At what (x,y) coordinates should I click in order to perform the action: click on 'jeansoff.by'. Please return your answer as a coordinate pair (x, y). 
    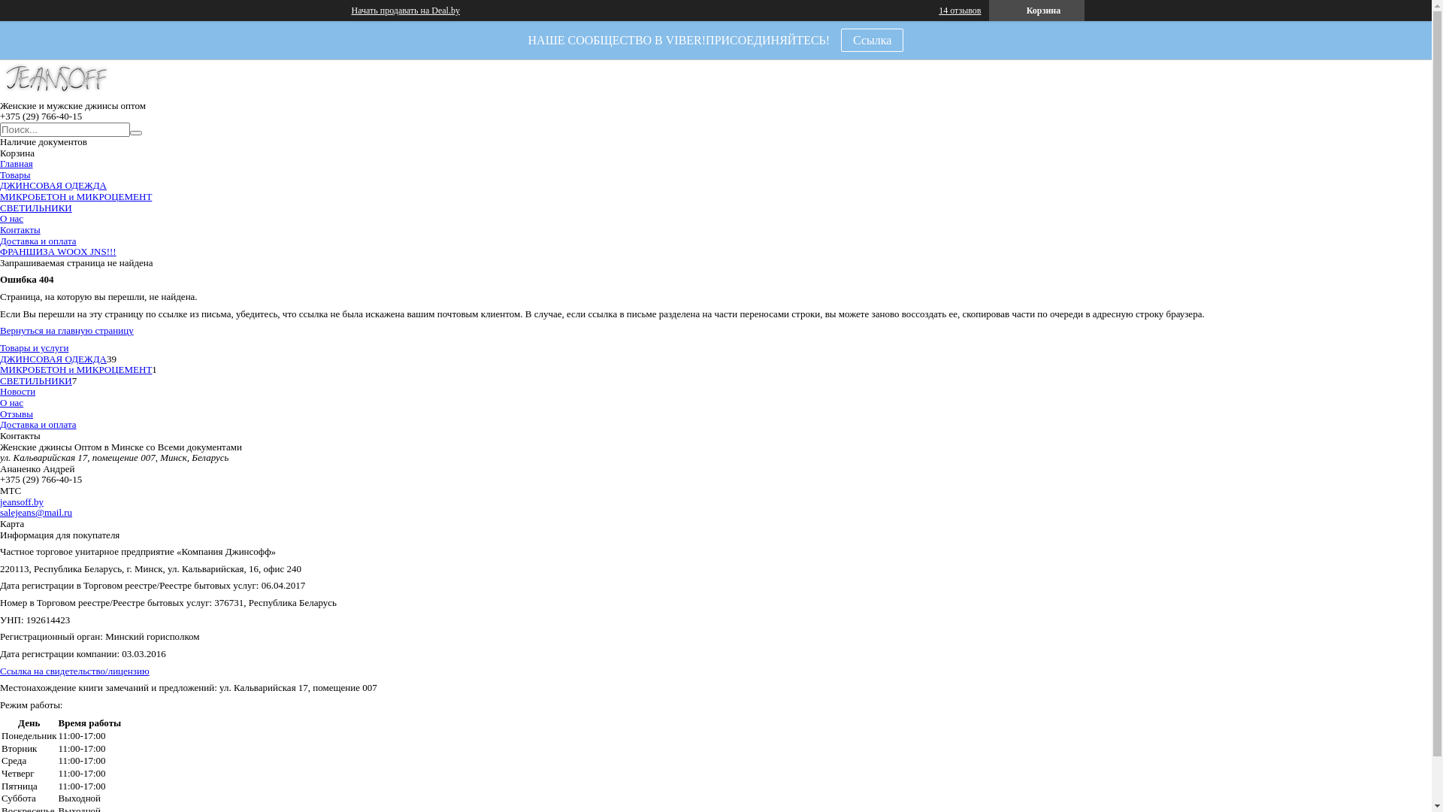
    Looking at the image, I should click on (0, 501).